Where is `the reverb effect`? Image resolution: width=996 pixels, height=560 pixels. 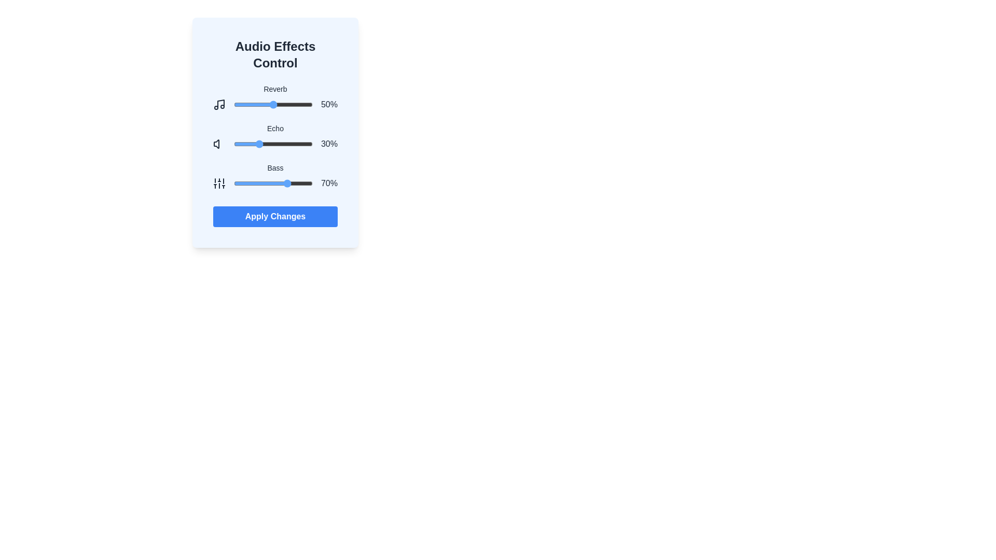
the reverb effect is located at coordinates (254, 104).